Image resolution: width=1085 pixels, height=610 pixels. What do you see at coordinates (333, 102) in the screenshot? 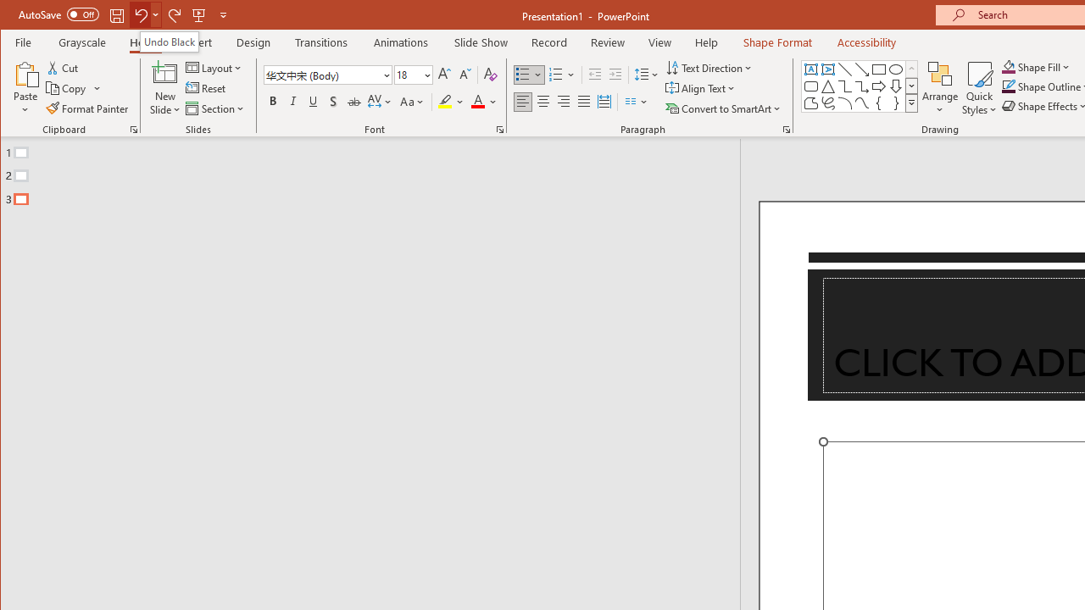
I see `'Shadow'` at bounding box center [333, 102].